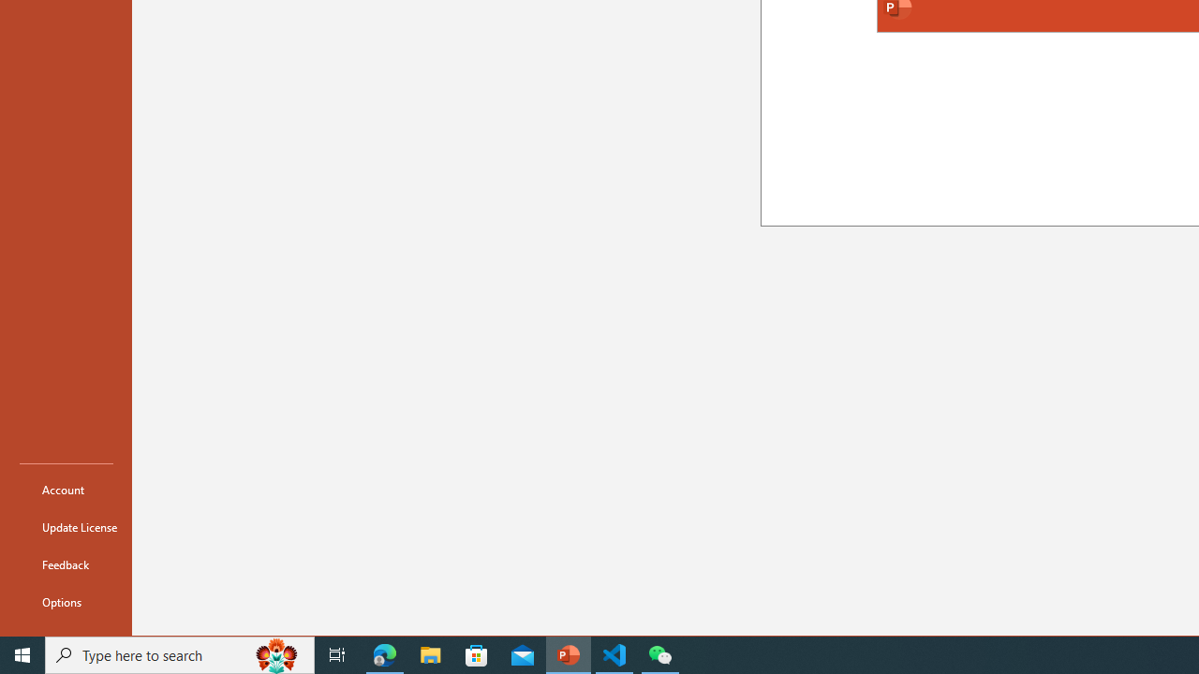 Image resolution: width=1199 pixels, height=674 pixels. I want to click on 'WeChat - 1 running window', so click(660, 653).